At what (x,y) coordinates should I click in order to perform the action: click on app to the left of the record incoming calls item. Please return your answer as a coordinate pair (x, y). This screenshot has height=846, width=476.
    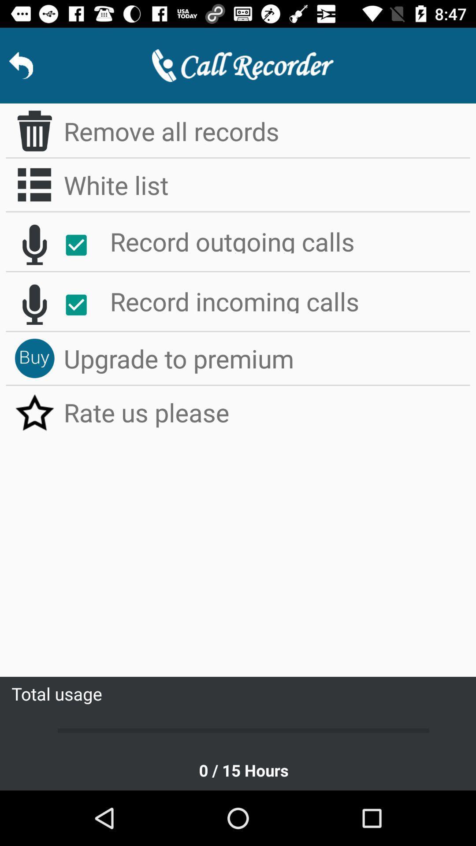
    Looking at the image, I should click on (81, 305).